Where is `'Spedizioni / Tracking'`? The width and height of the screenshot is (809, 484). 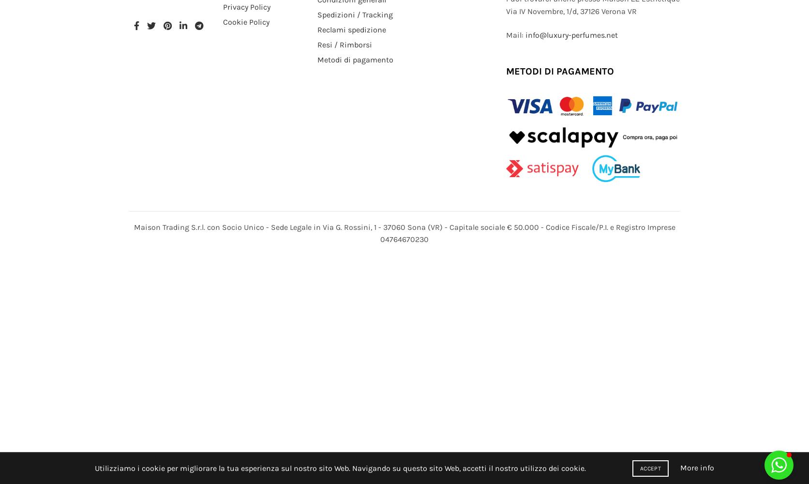
'Spedizioni / Tracking' is located at coordinates (355, 14).